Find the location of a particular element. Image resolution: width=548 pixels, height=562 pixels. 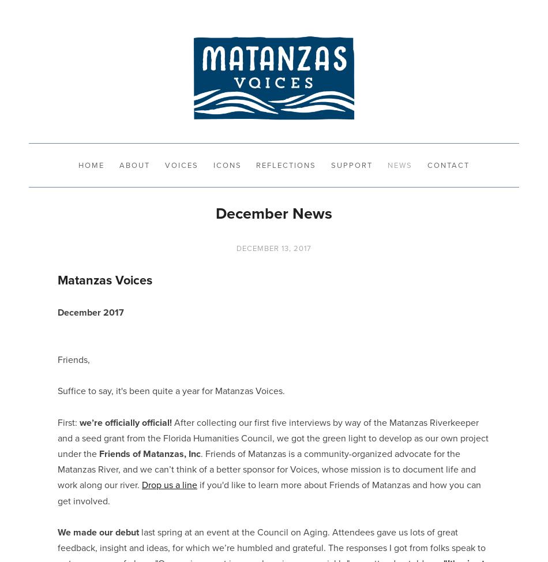

'Voices' is located at coordinates (164, 164).